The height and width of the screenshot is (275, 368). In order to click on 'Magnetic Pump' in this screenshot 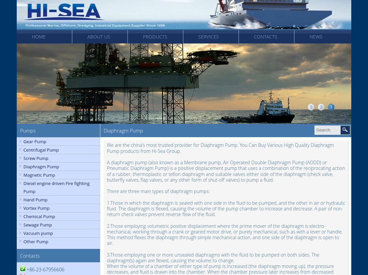, I will do `click(39, 175)`.